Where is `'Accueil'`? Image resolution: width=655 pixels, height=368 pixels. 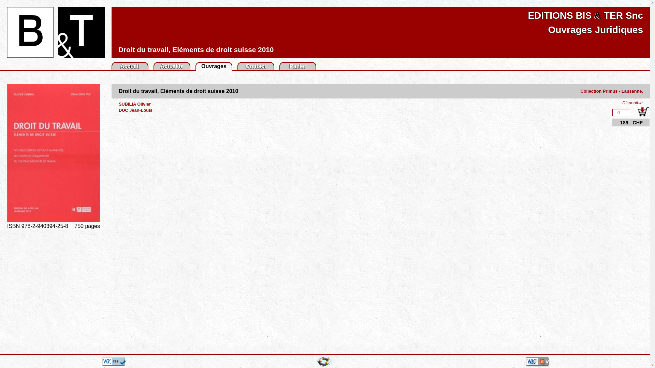 'Accueil' is located at coordinates (130, 66).